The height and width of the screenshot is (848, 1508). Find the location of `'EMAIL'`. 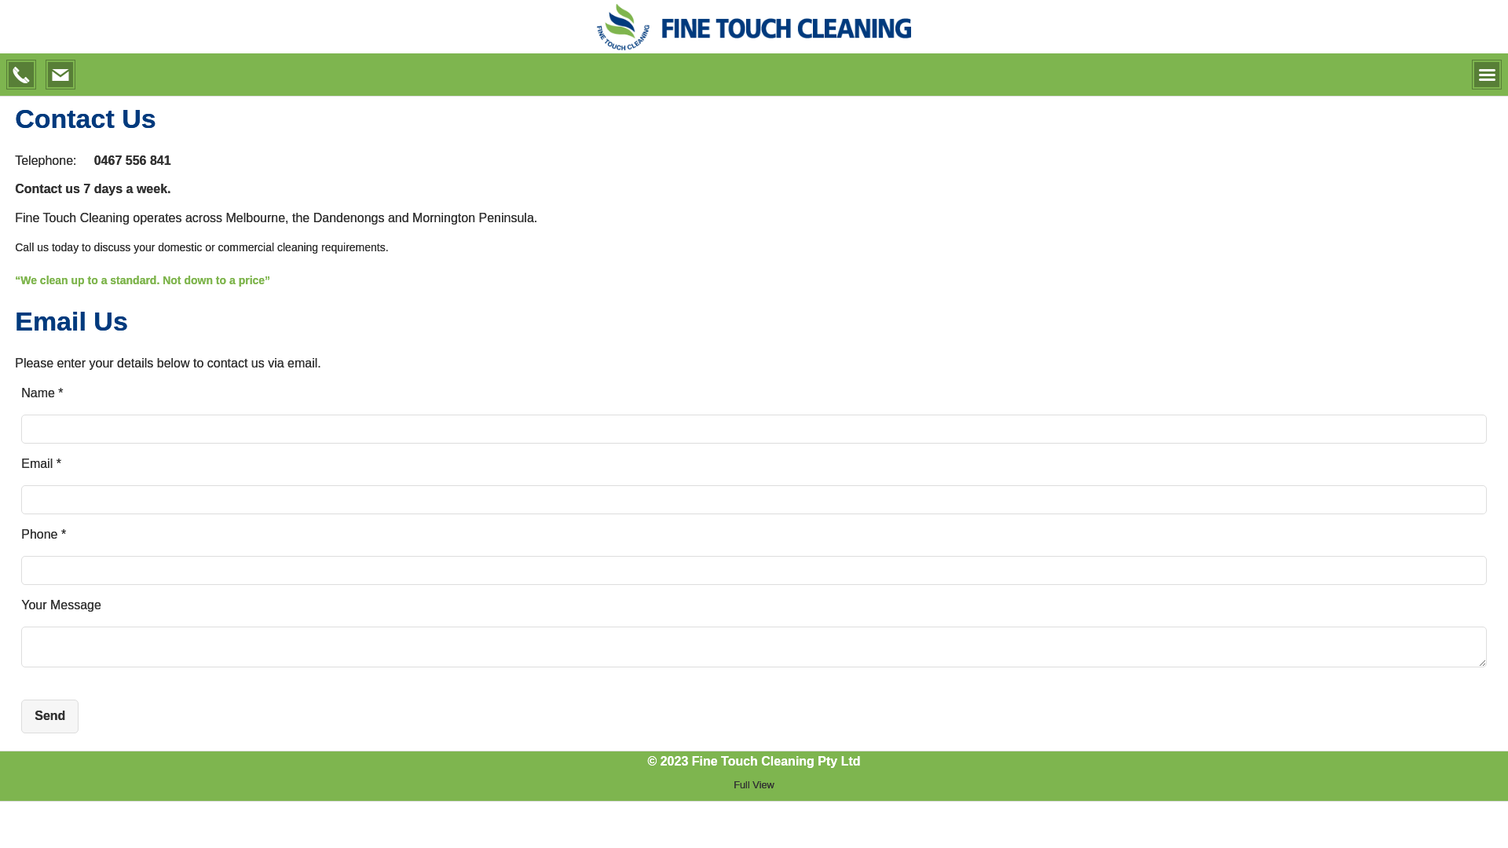

'EMAIL' is located at coordinates (60, 75).